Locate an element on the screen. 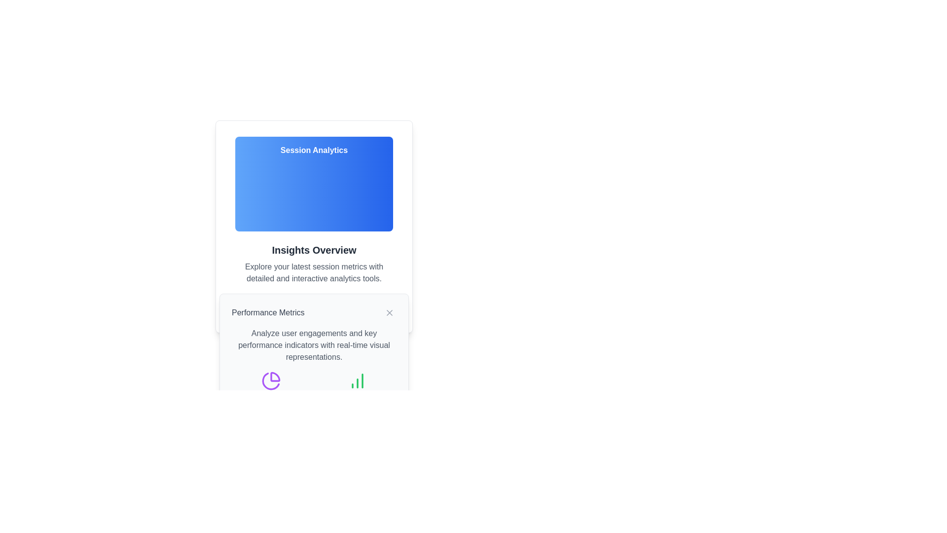 This screenshot has height=533, width=947. the Text Label that serves as the header for the section, positioned below 'Insights Overview' and above descriptive text and visuals is located at coordinates (268, 312).